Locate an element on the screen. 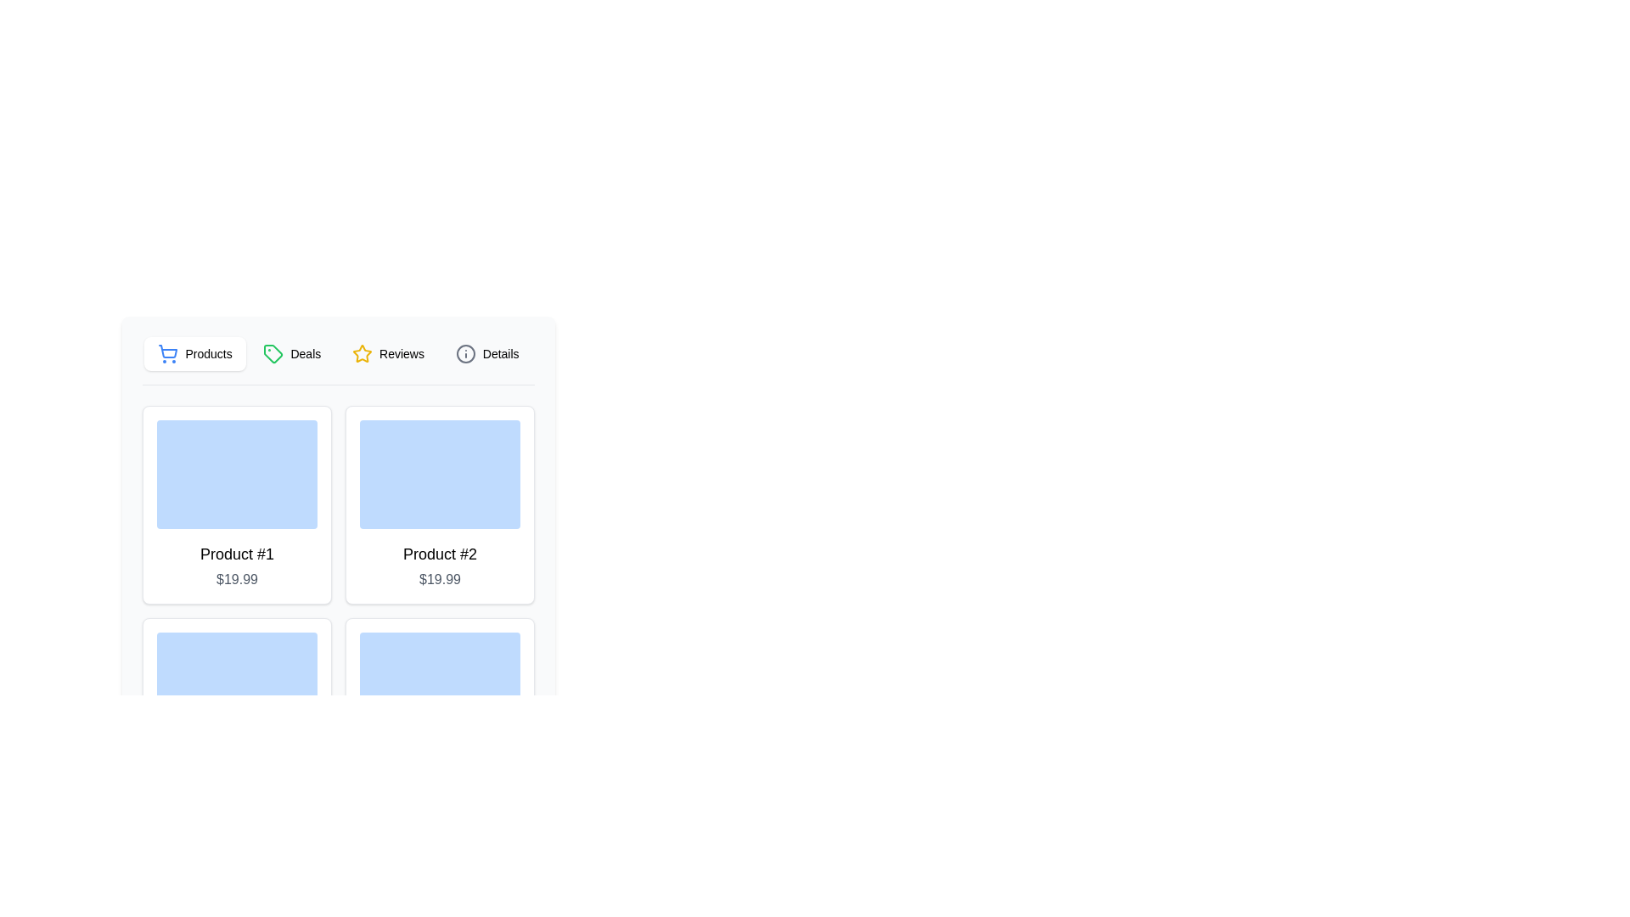  the shopping cart icon with a blue outline located to the left of the 'Products' label in the navigation bar for identification purposes is located at coordinates (168, 352).